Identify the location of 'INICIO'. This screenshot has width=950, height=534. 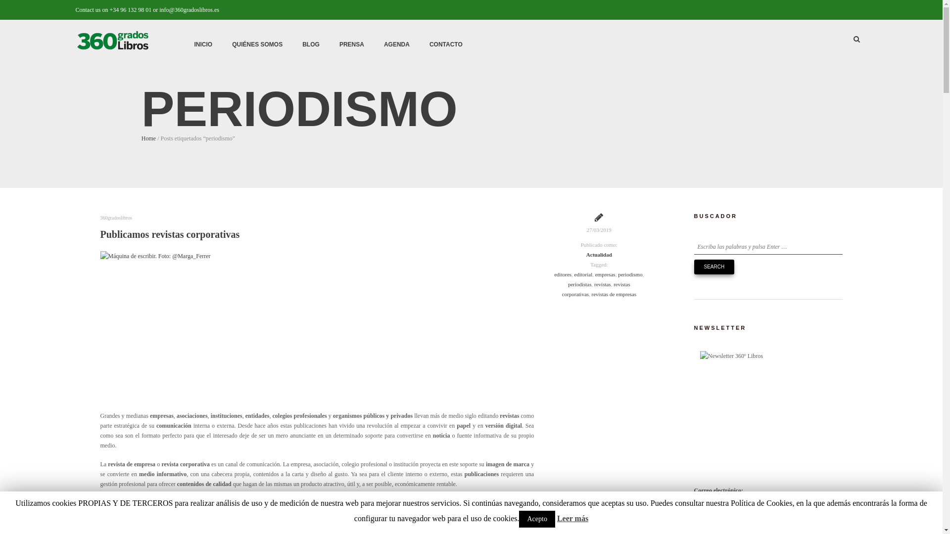
(202, 44).